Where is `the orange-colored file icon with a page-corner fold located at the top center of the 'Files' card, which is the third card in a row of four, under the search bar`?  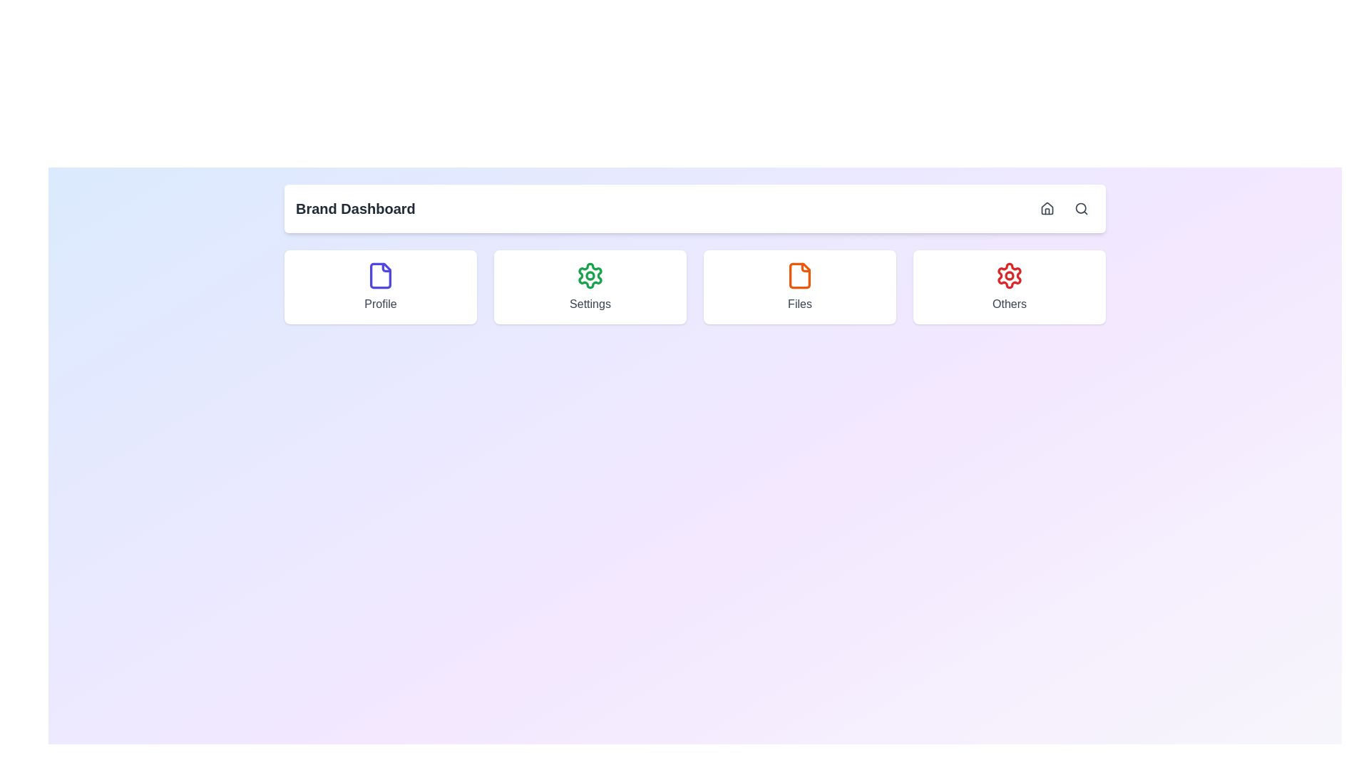
the orange-colored file icon with a page-corner fold located at the top center of the 'Files' card, which is the third card in a row of four, under the search bar is located at coordinates (800, 275).